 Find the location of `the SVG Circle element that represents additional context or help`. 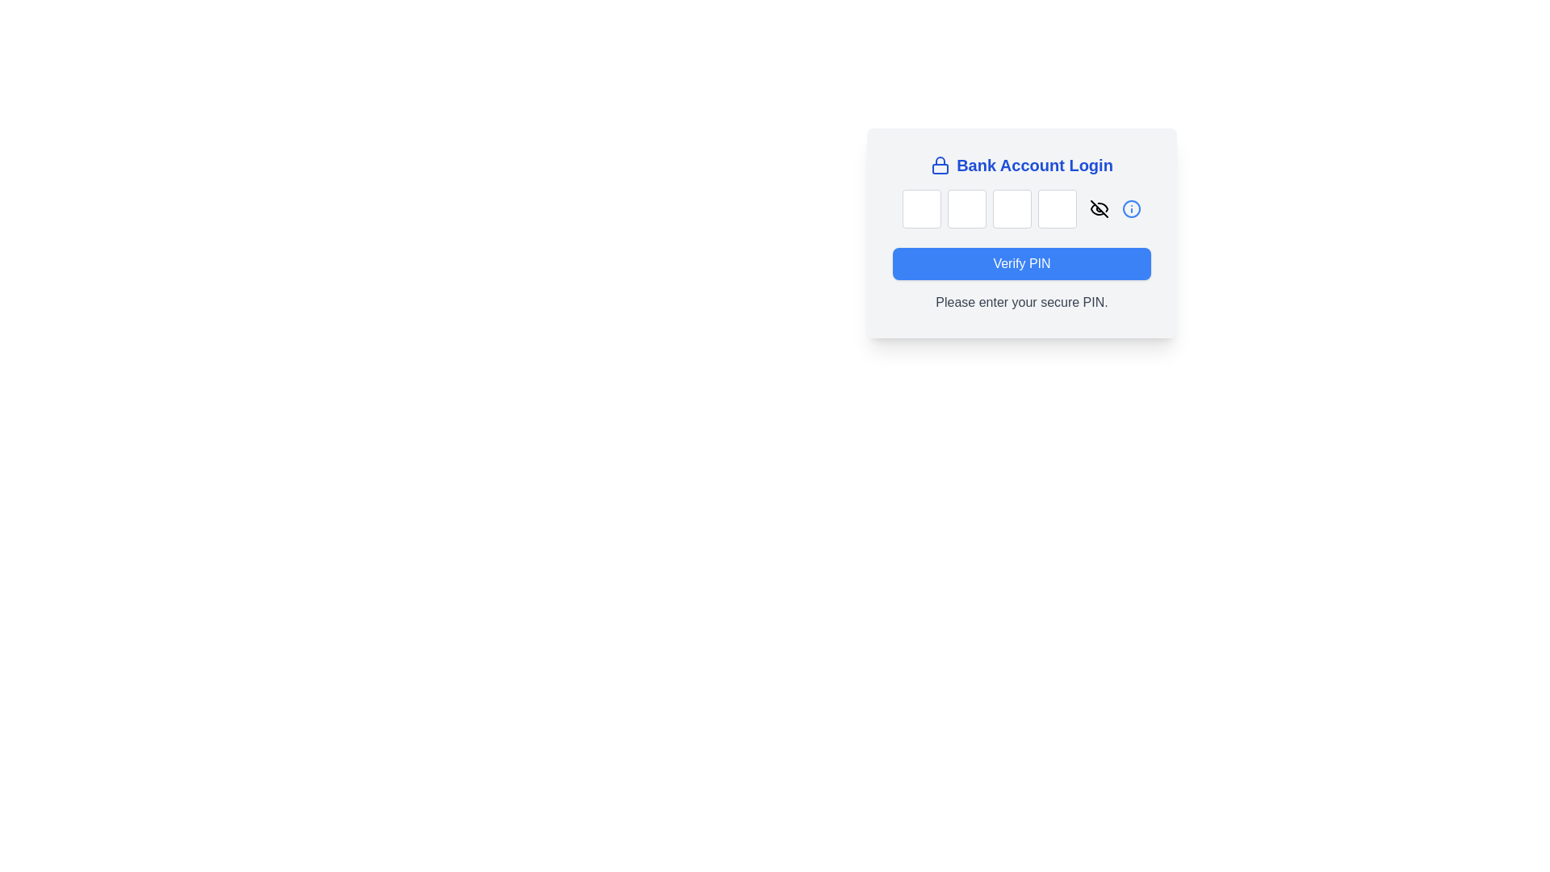

the SVG Circle element that represents additional context or help is located at coordinates (1130, 208).